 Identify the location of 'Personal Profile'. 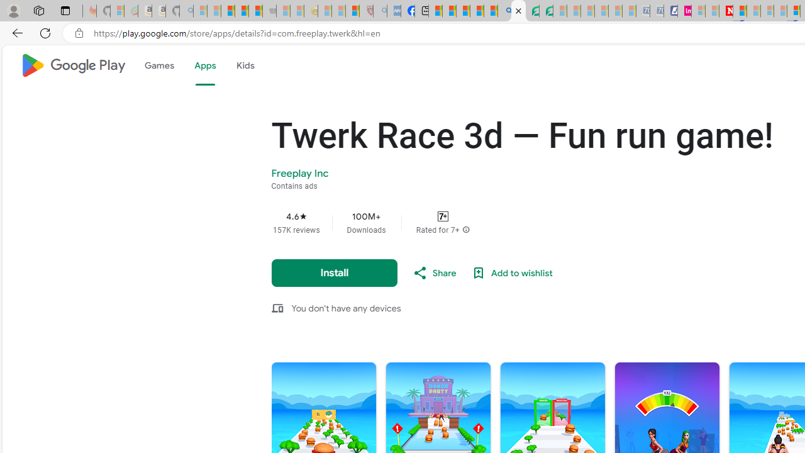
(13, 10).